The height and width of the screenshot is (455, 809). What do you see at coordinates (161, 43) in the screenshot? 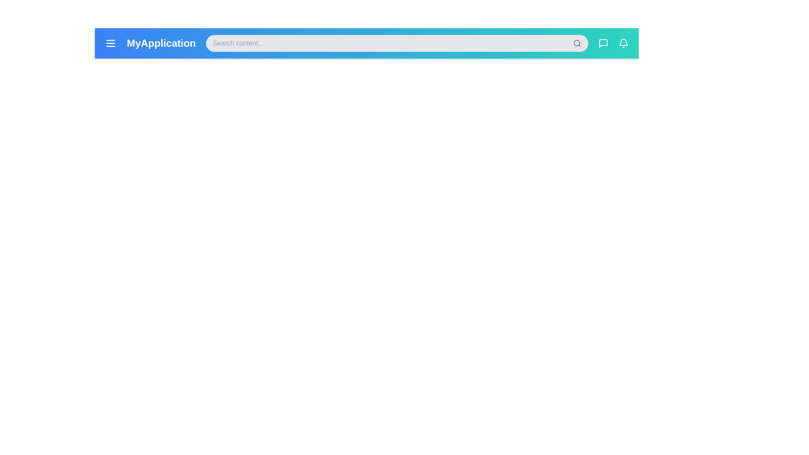
I see `the application title to focus on it` at bounding box center [161, 43].